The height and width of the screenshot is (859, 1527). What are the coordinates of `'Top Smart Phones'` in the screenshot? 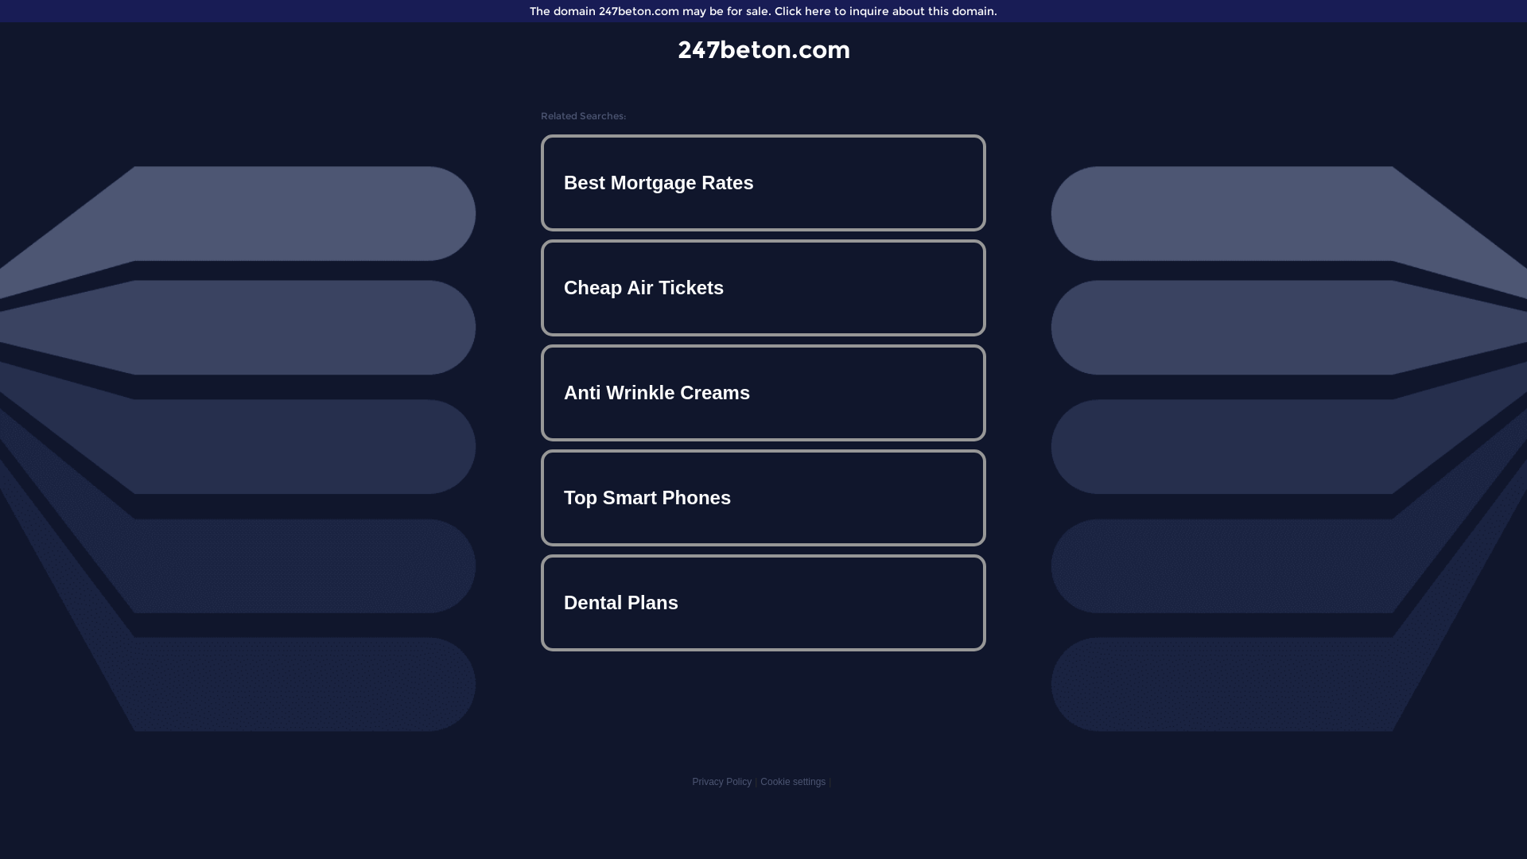 It's located at (763, 496).